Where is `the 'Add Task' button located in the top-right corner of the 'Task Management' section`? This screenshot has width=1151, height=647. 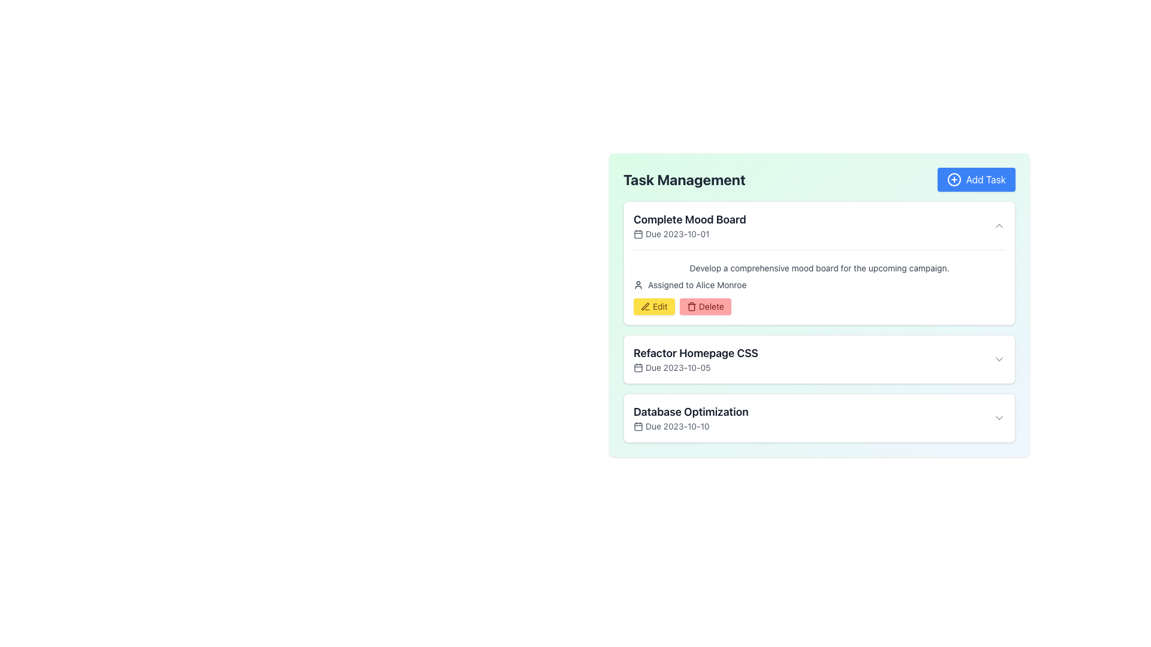
the 'Add Task' button located in the top-right corner of the 'Task Management' section is located at coordinates (976, 180).